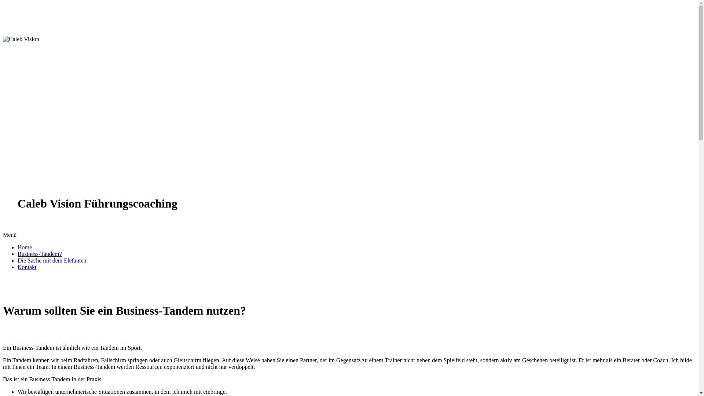 The width and height of the screenshot is (704, 396). Describe the element at coordinates (51, 260) in the screenshot. I see `'Die Sache mit dem Elefanten'` at that location.